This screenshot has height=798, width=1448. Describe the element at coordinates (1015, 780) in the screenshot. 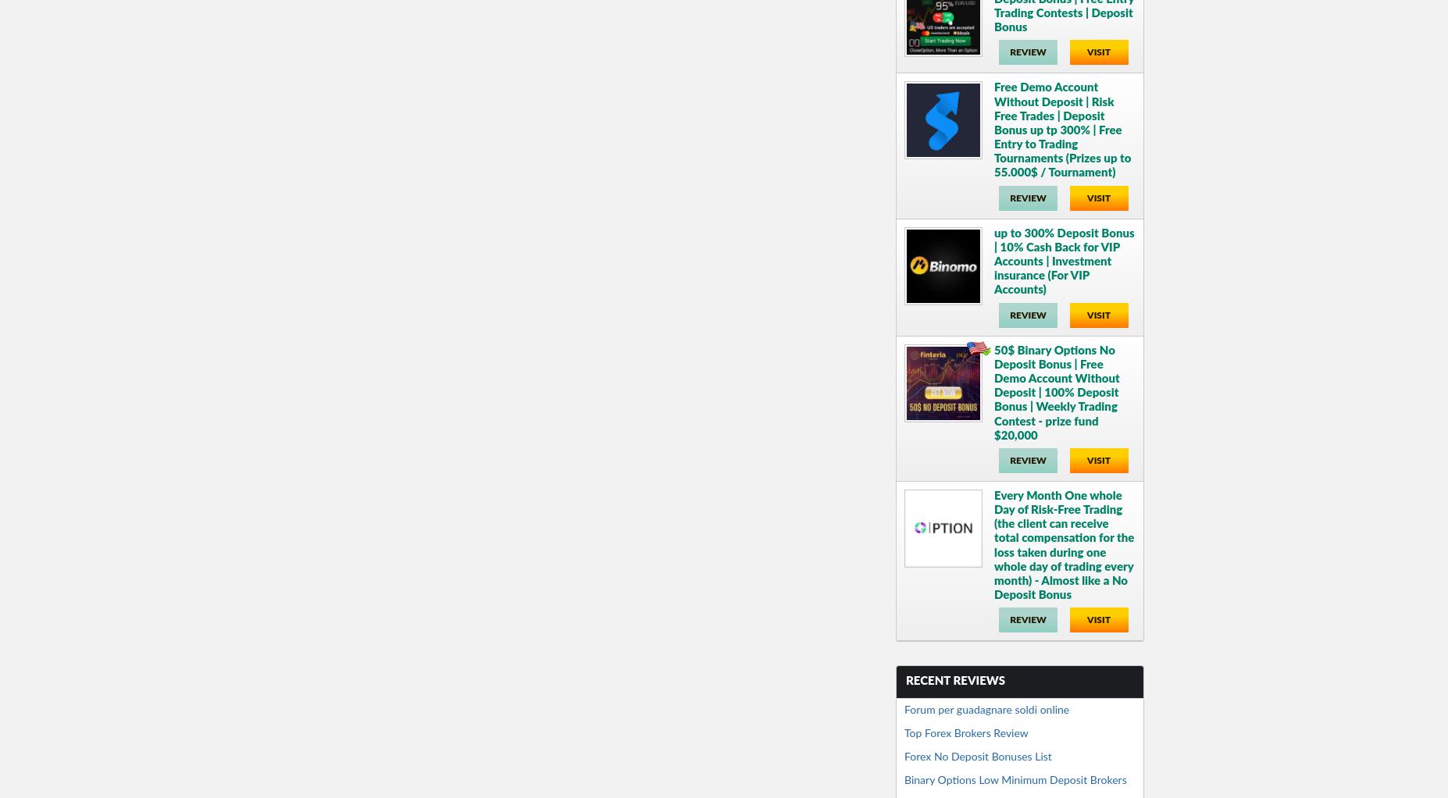

I see `'Binary Options Low Minimum Deposit Brokers'` at that location.